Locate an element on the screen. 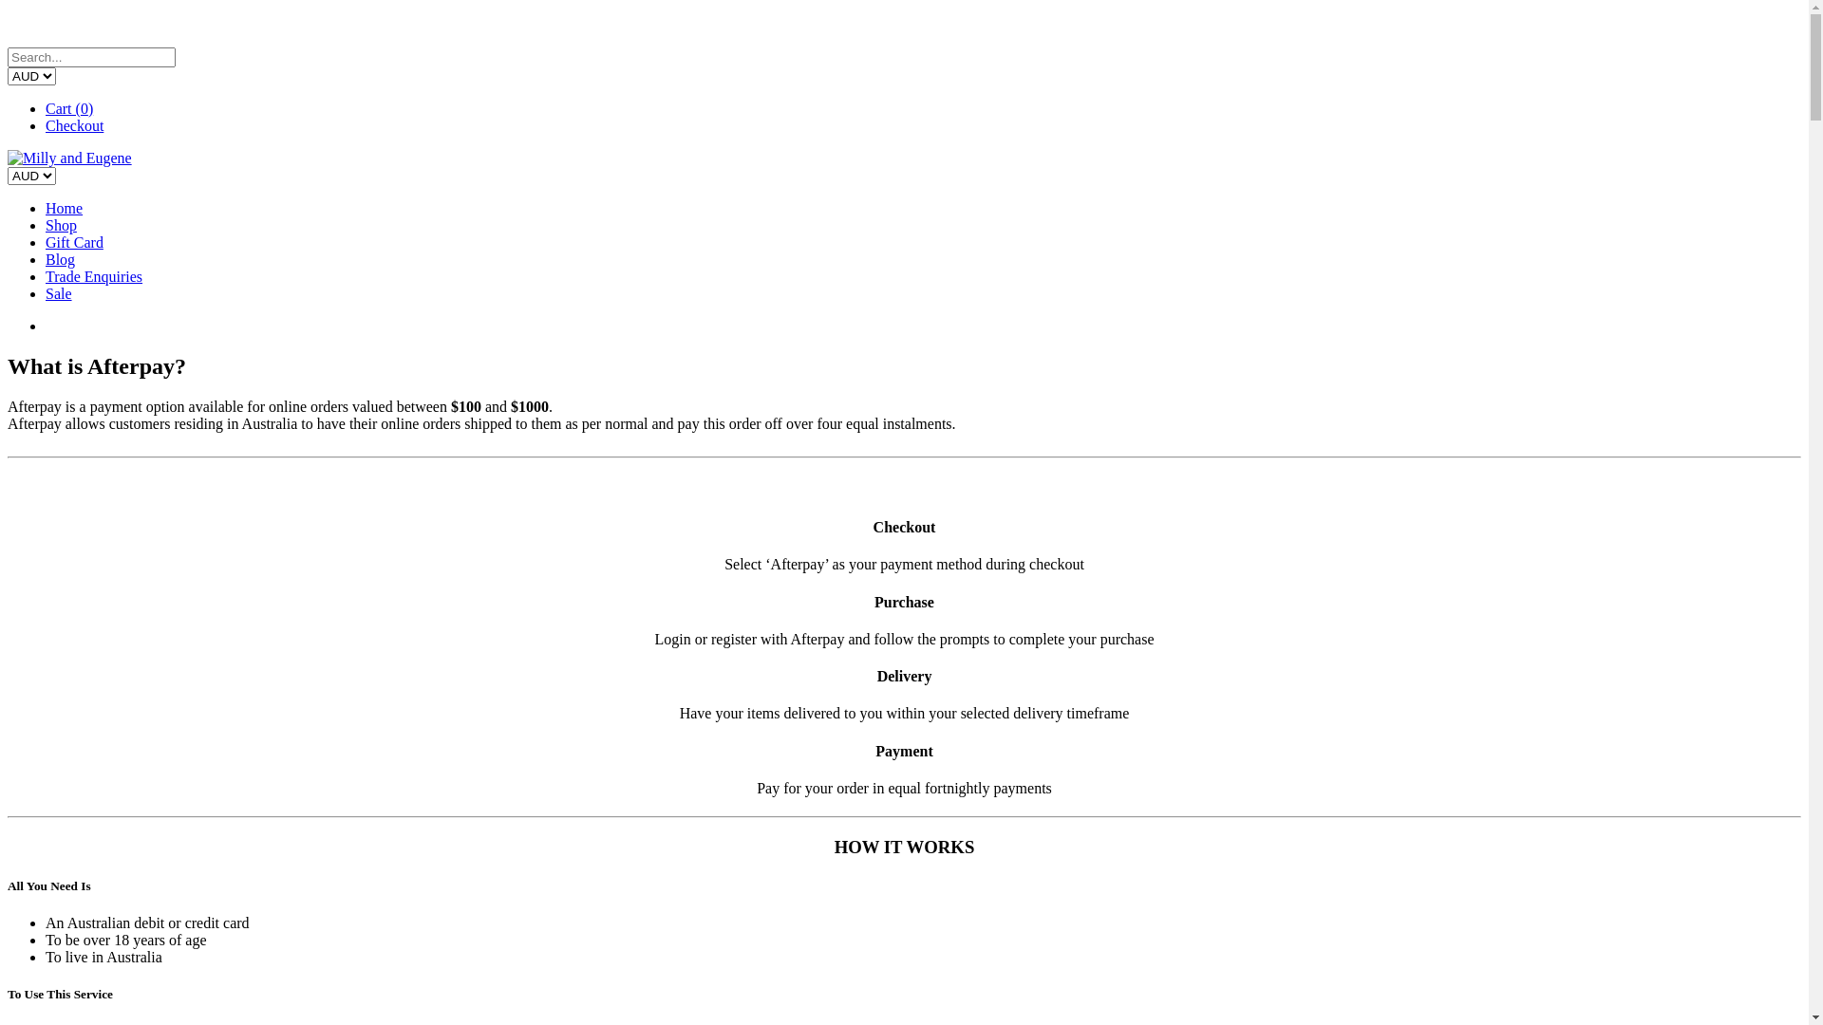  'Blog' is located at coordinates (60, 259).